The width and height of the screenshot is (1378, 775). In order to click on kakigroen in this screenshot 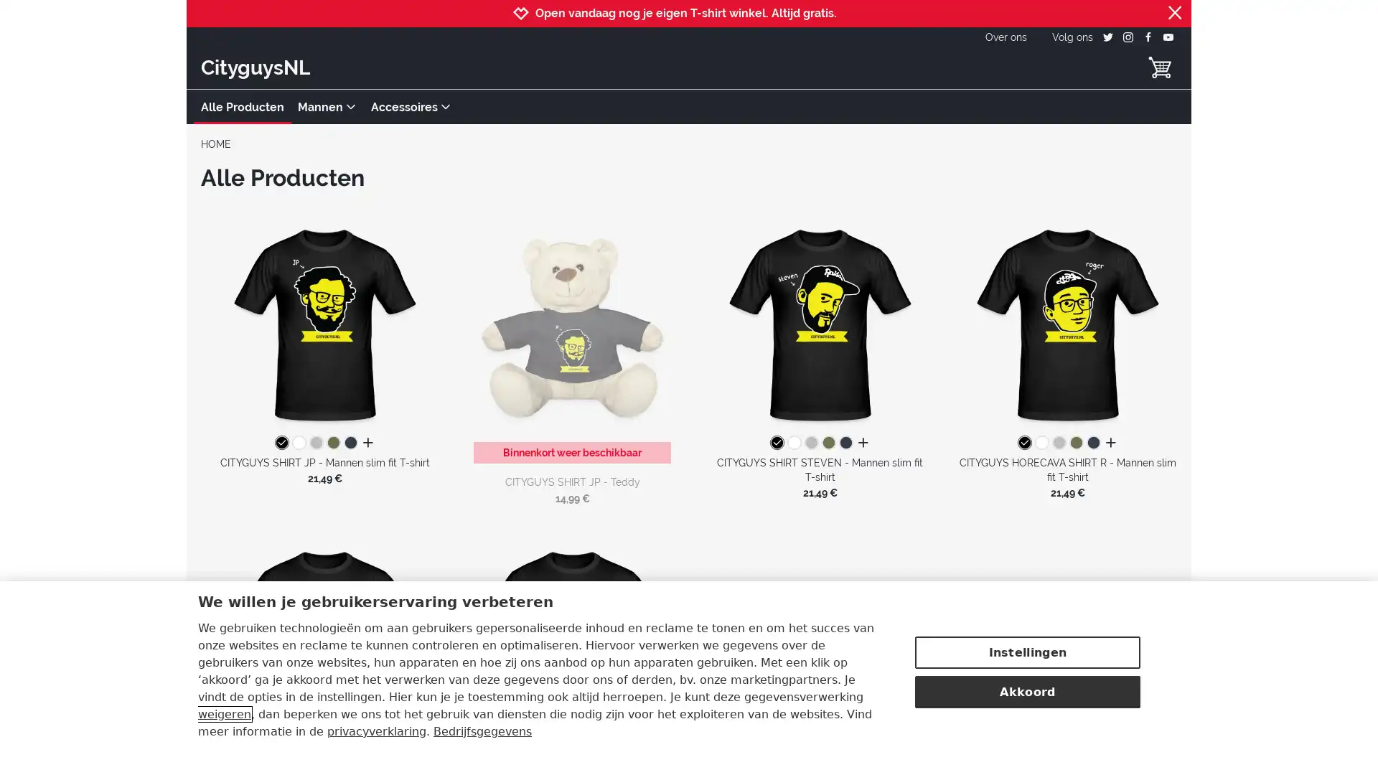, I will do `click(828, 443)`.